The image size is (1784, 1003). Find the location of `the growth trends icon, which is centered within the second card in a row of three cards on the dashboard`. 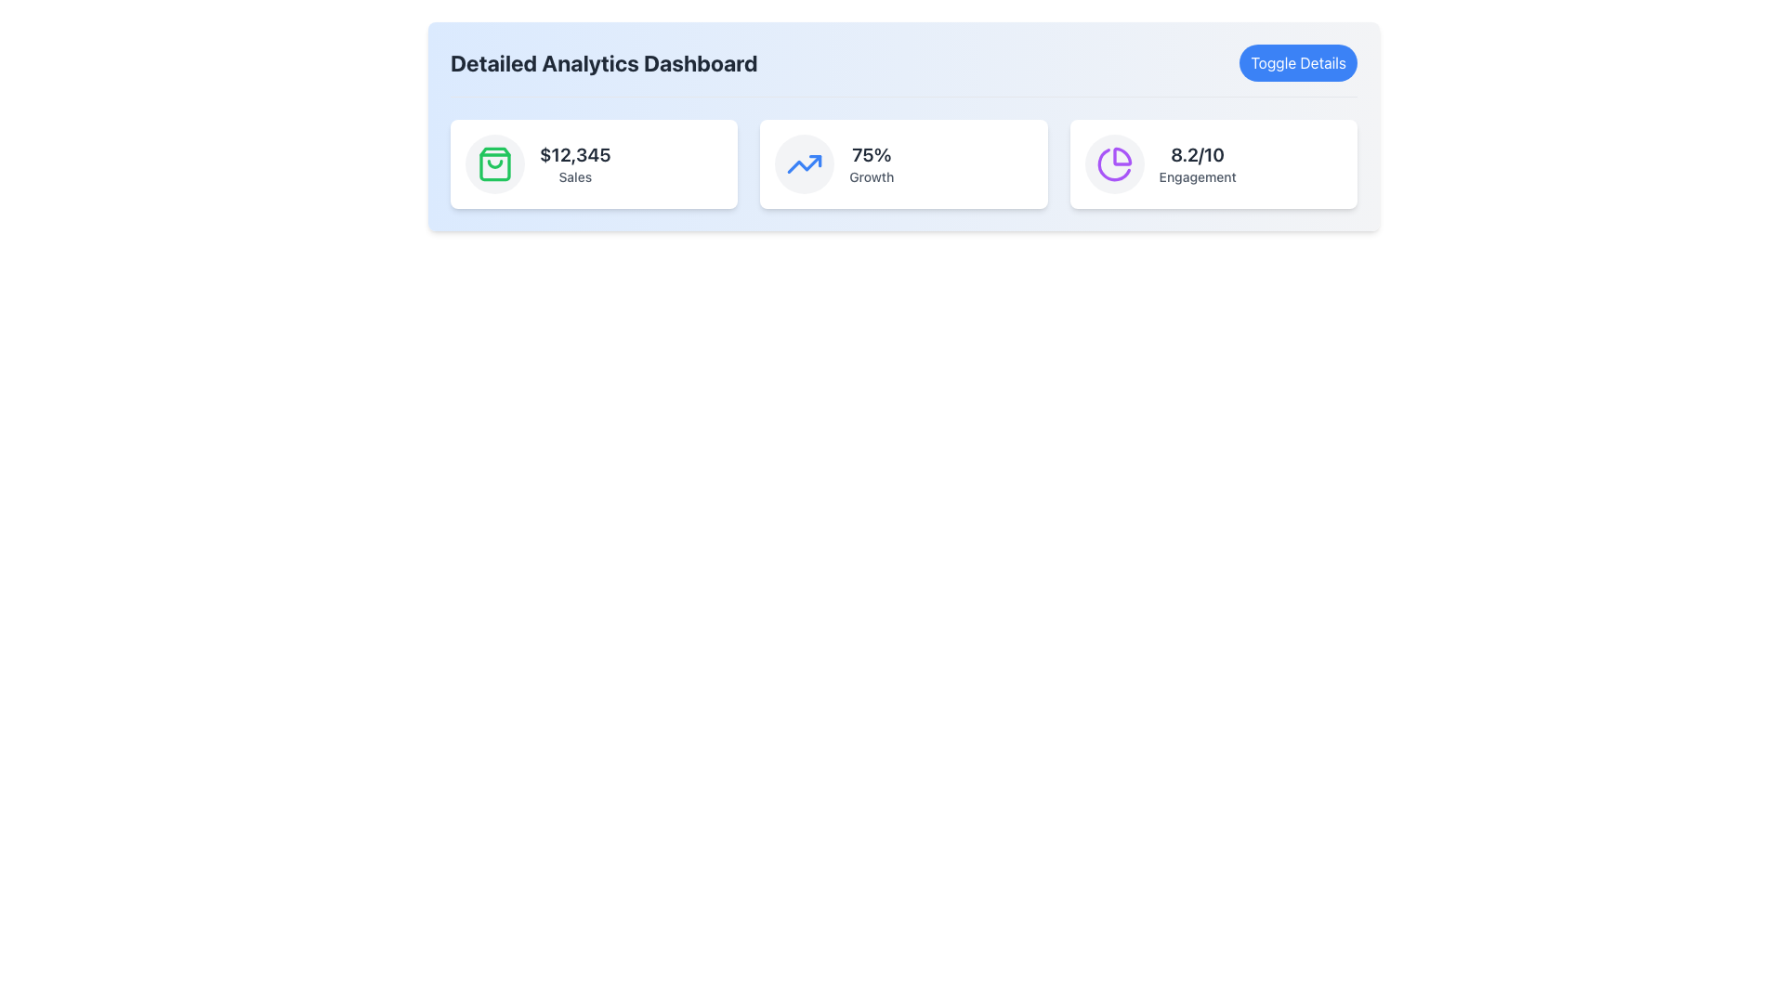

the growth trends icon, which is centered within the second card in a row of three cards on the dashboard is located at coordinates (805, 163).